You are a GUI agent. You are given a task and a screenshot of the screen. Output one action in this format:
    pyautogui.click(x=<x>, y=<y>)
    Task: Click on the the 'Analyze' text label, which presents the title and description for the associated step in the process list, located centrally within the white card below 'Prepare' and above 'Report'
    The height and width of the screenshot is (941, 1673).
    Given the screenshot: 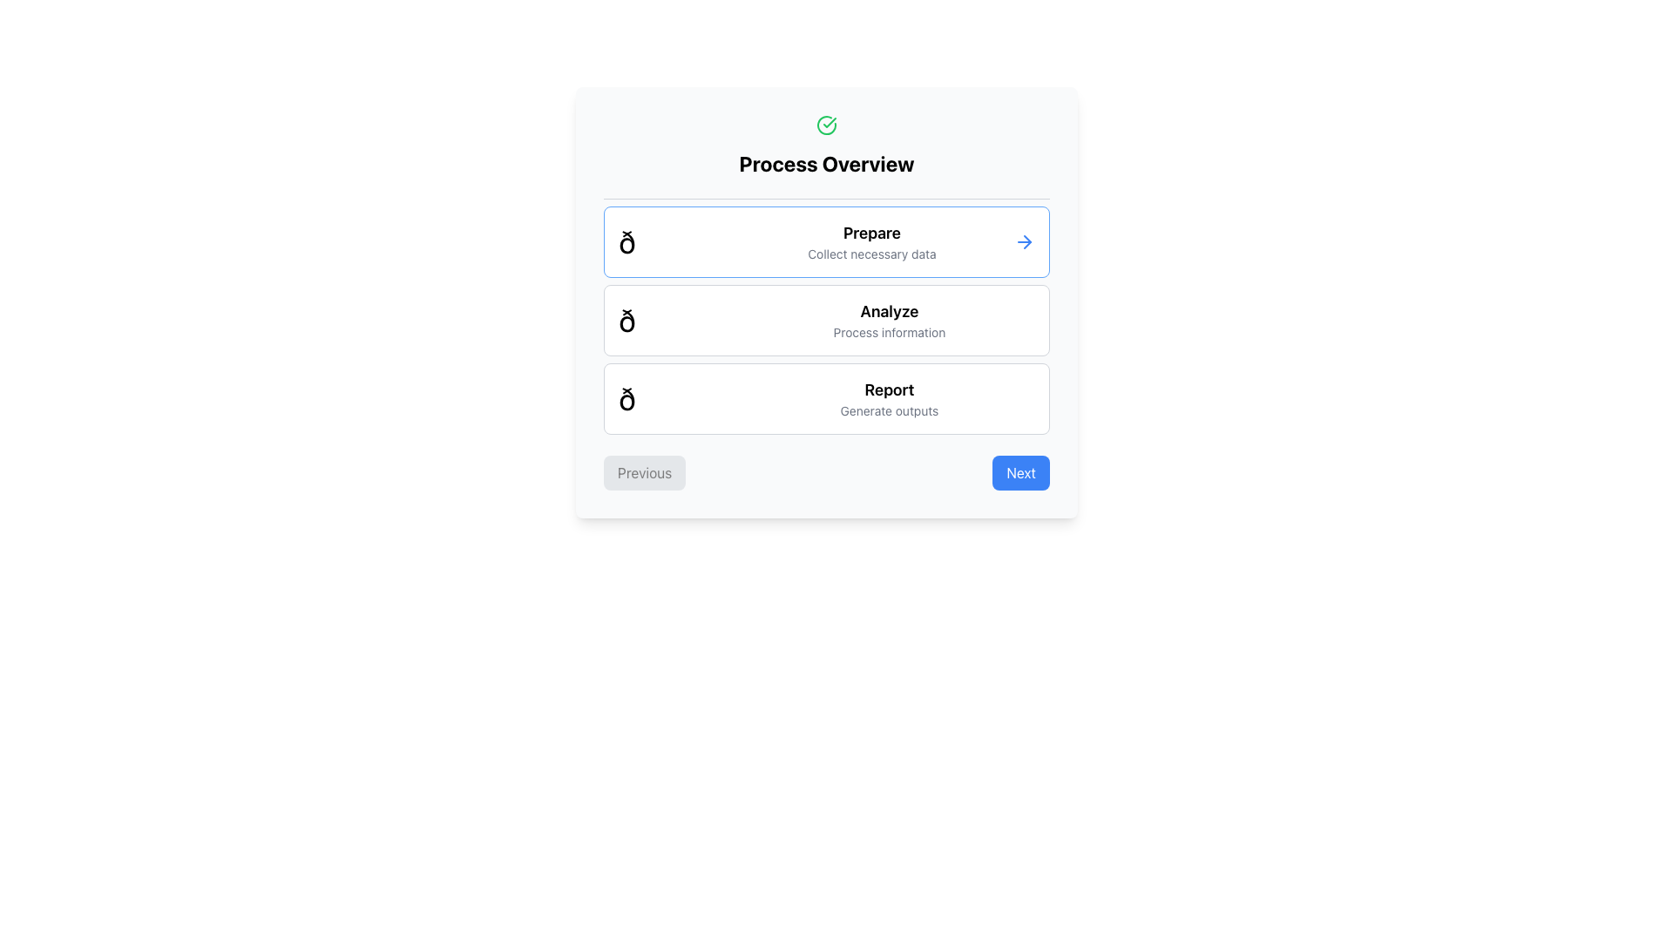 What is the action you would take?
    pyautogui.click(x=889, y=320)
    